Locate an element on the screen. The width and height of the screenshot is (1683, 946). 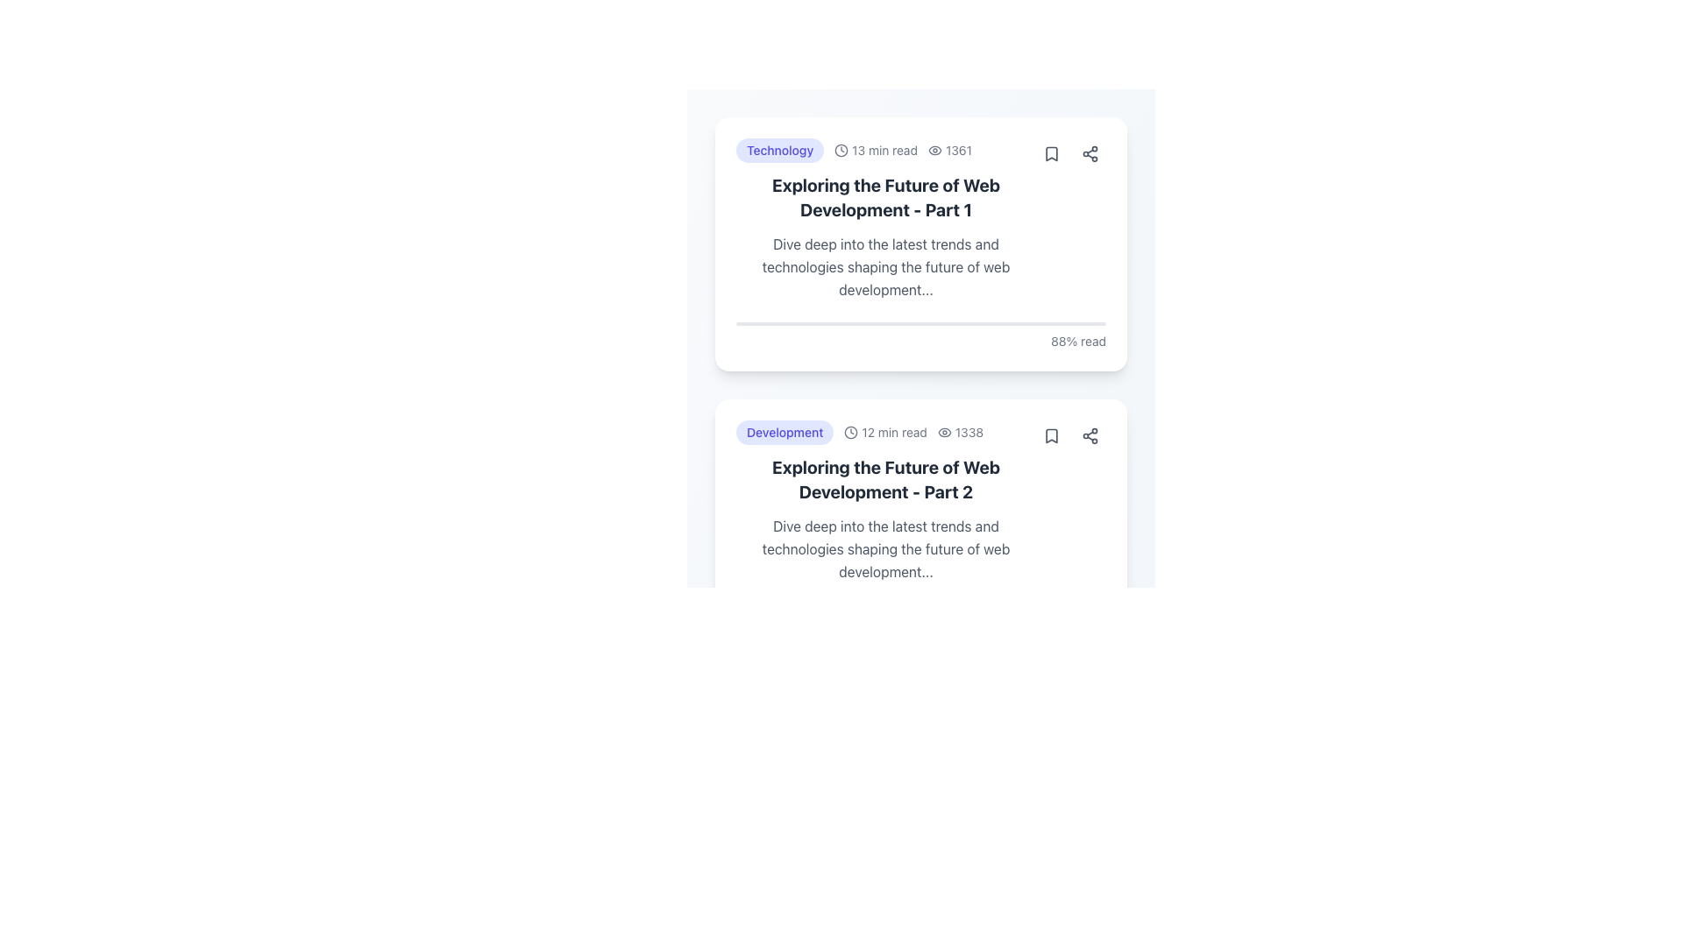
the interactive icons in the group located at the top-right corner of the information card labeled 'Exploring the Future of Web Development - Part 1' is located at coordinates (1070, 153).